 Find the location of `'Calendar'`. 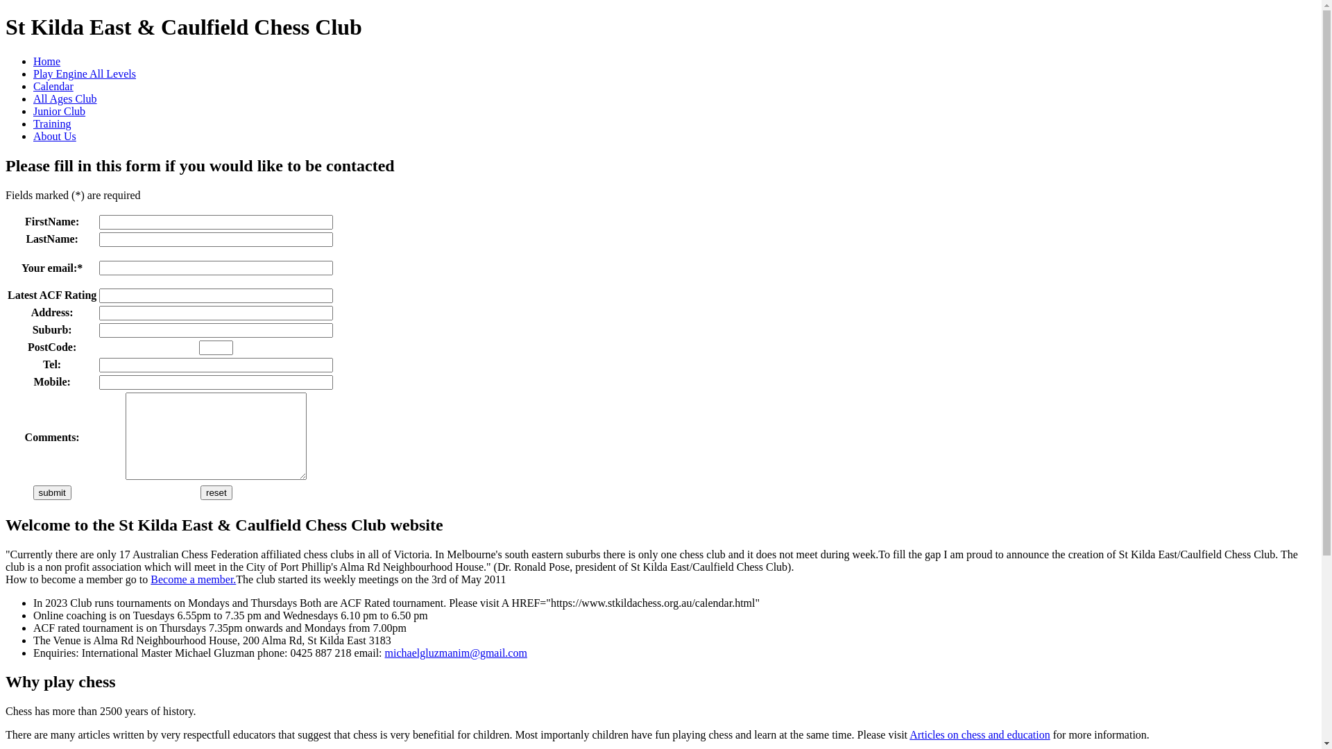

'Calendar' is located at coordinates (53, 86).